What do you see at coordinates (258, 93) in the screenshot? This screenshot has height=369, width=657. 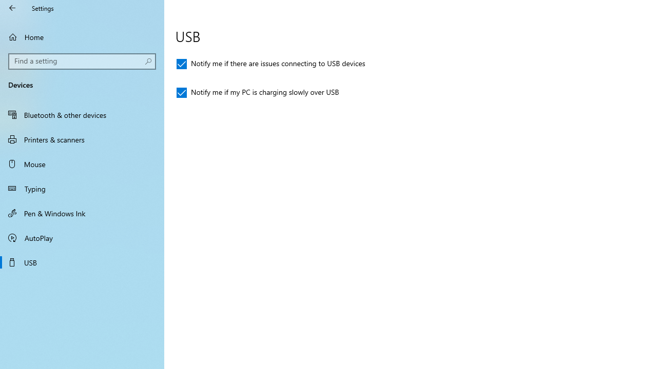 I see `'Notify me if my PC is charging slowly over USB'` at bounding box center [258, 93].